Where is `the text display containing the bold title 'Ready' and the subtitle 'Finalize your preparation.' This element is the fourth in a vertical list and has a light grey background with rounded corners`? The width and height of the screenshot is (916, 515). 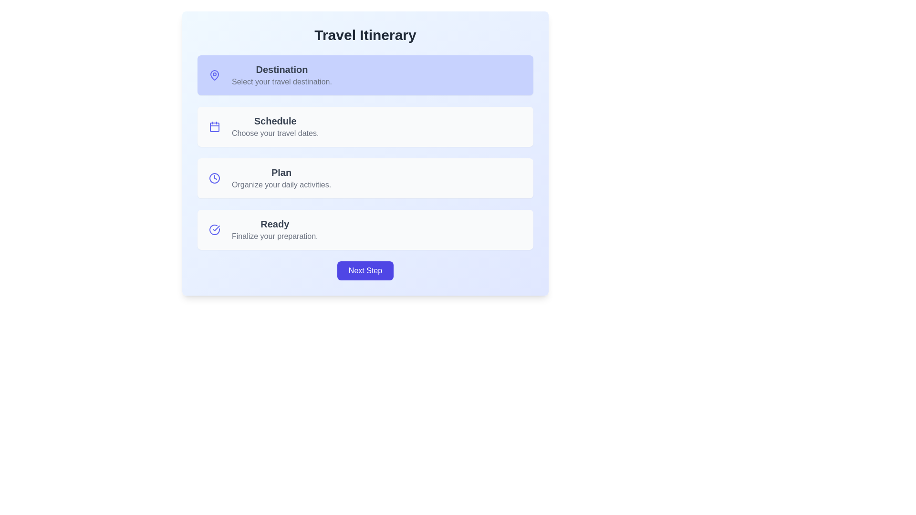
the text display containing the bold title 'Ready' and the subtitle 'Finalize your preparation.' This element is the fourth in a vertical list and has a light grey background with rounded corners is located at coordinates (274, 230).